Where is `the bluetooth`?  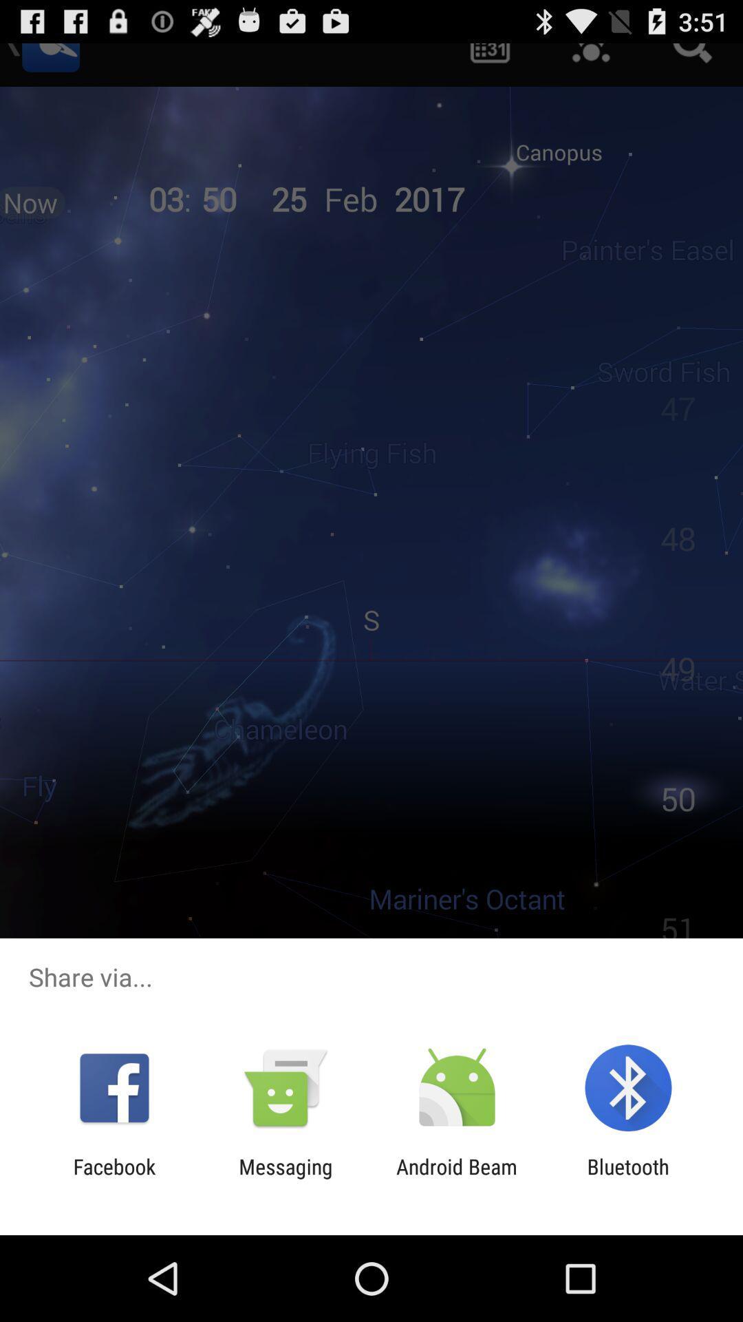 the bluetooth is located at coordinates (628, 1178).